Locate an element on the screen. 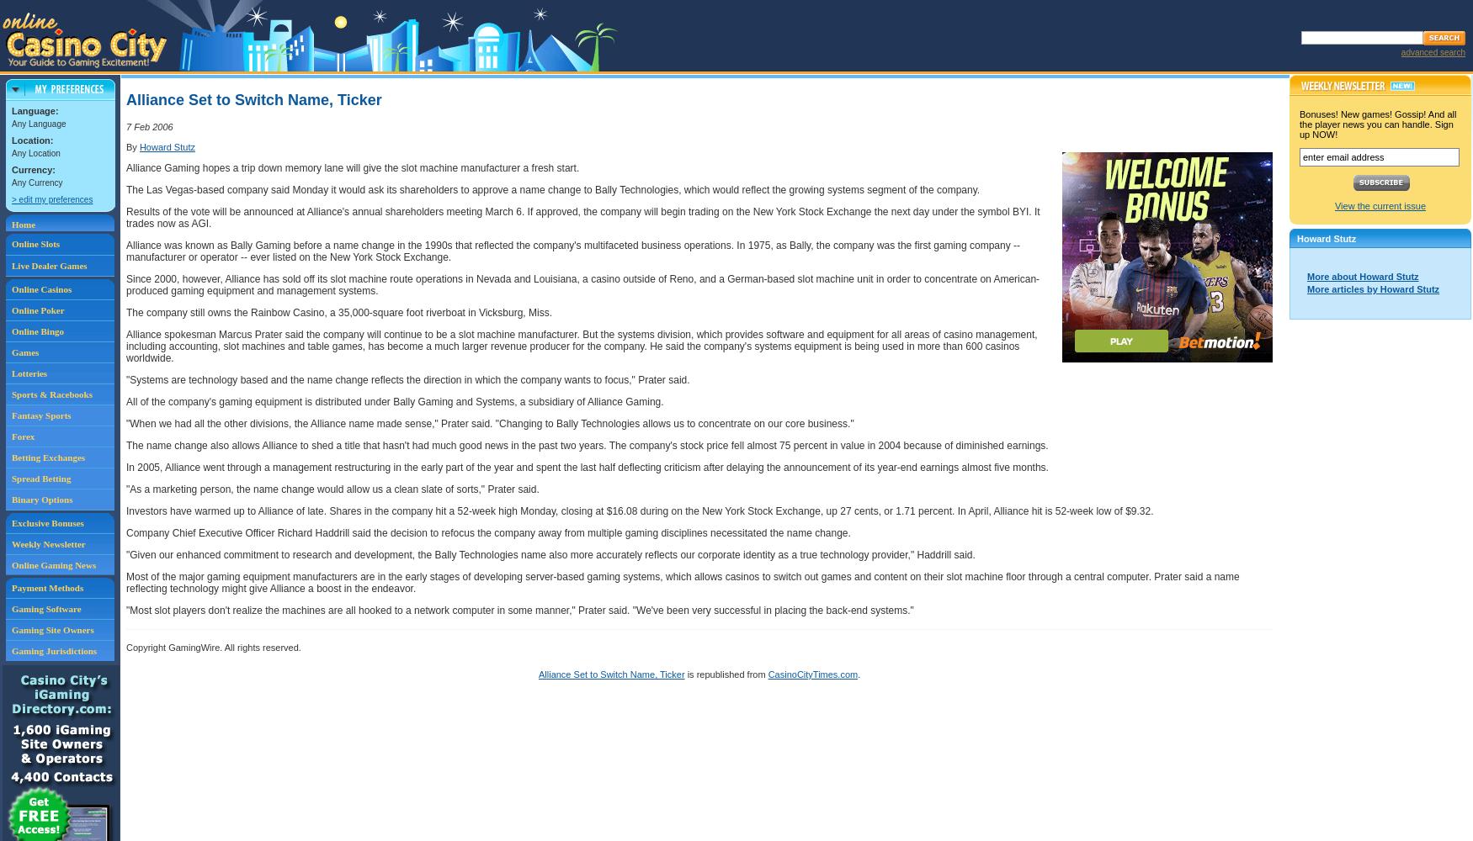 The height and width of the screenshot is (841, 1473). '"Systems are technology based and the name change reflects the direction in which the company wants to focus," Prater said.' is located at coordinates (407, 379).